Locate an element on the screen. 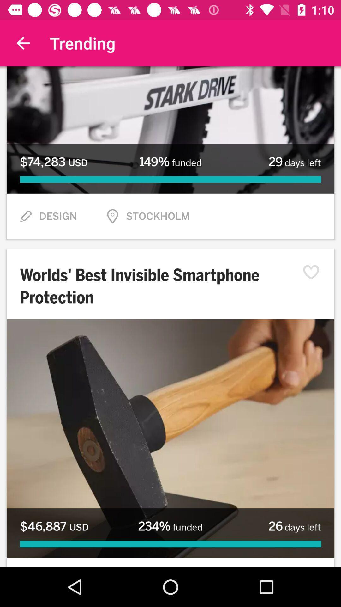  the design is located at coordinates (58, 216).